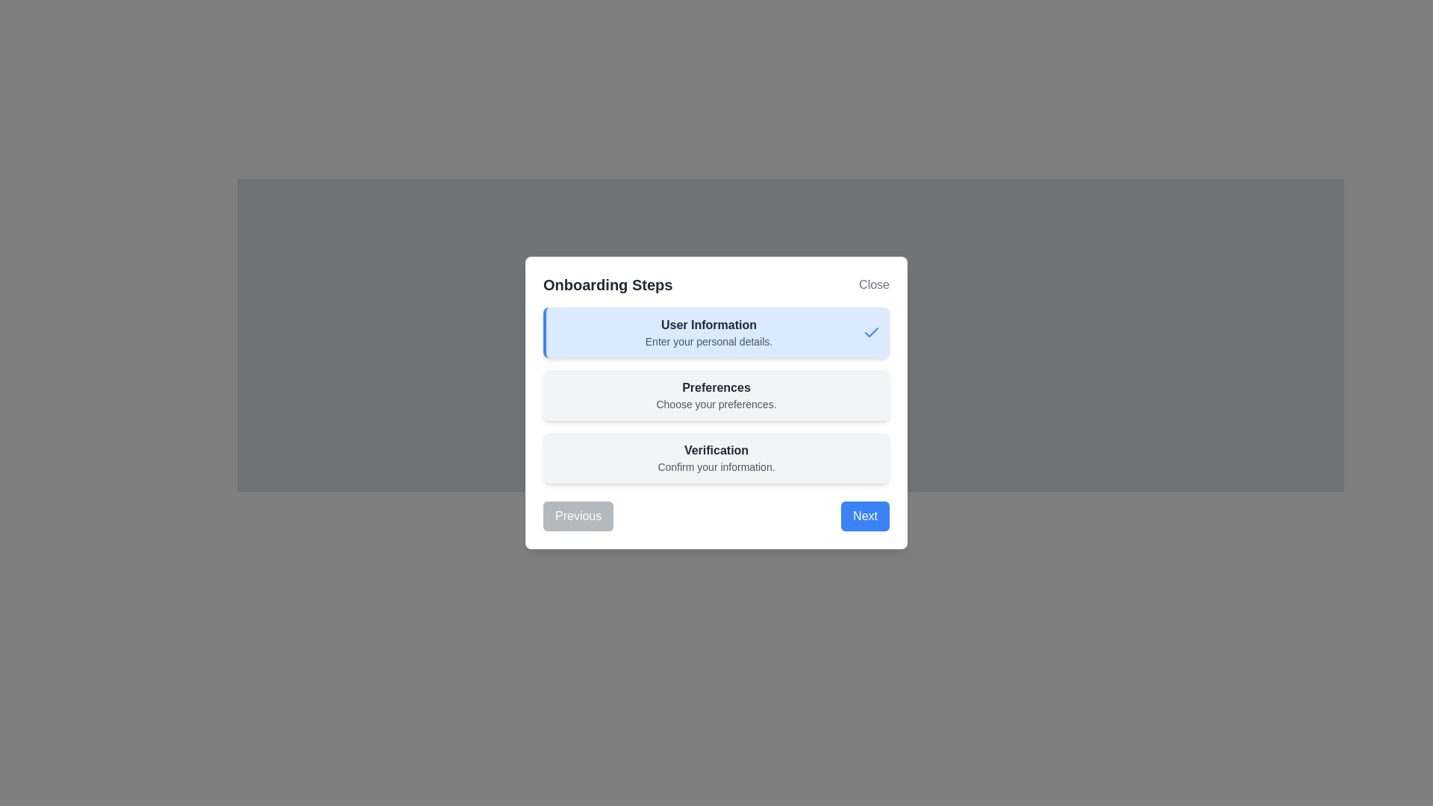  I want to click on the blue checkmark icon indicating the completion of the 'User Information' step in the onboarding process, so click(871, 331).